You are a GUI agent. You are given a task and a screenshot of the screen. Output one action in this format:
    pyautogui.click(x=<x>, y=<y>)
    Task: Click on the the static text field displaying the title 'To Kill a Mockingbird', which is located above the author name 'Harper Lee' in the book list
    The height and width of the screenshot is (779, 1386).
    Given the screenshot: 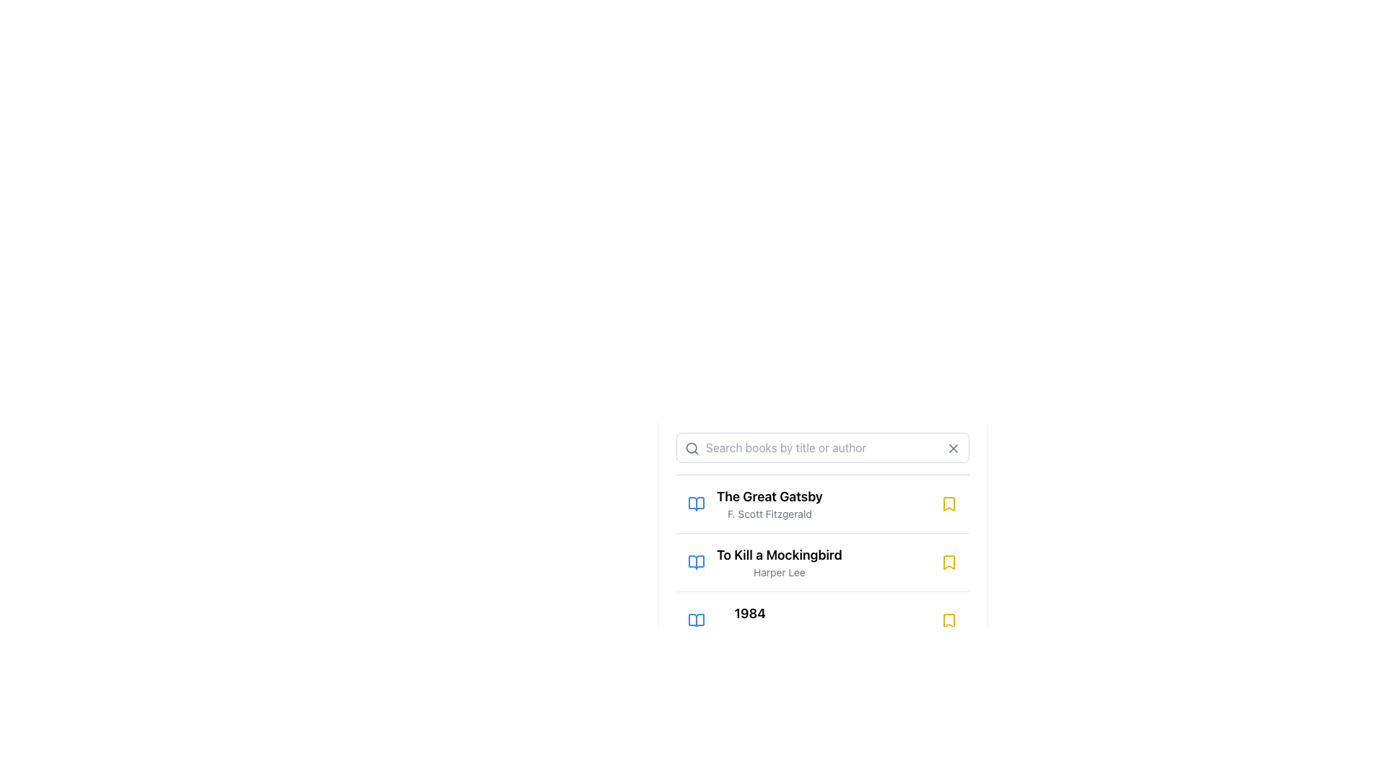 What is the action you would take?
    pyautogui.click(x=778, y=555)
    